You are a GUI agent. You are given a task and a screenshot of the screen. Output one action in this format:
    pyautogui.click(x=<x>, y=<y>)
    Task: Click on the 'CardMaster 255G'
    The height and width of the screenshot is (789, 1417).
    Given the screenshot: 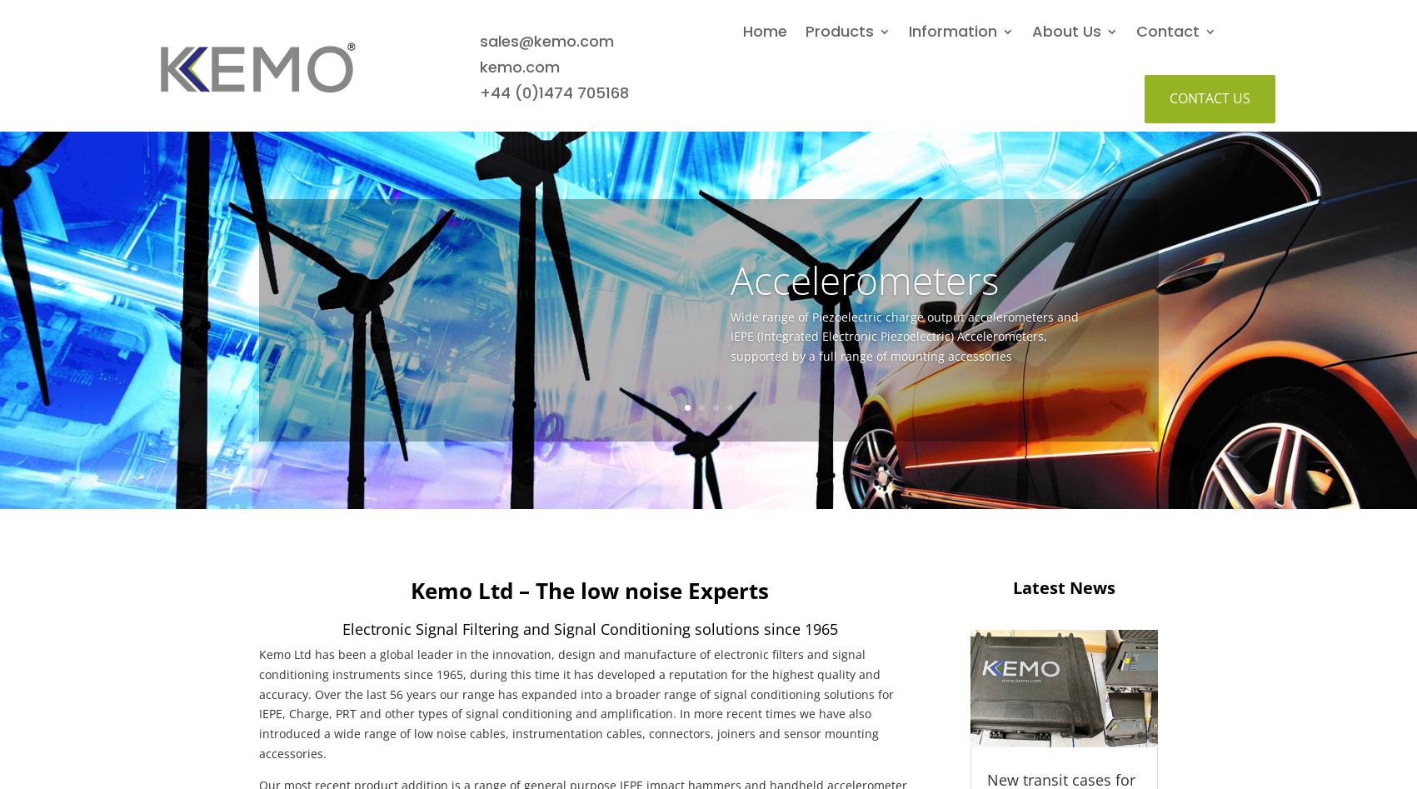 What is the action you would take?
    pyautogui.click(x=1083, y=202)
    